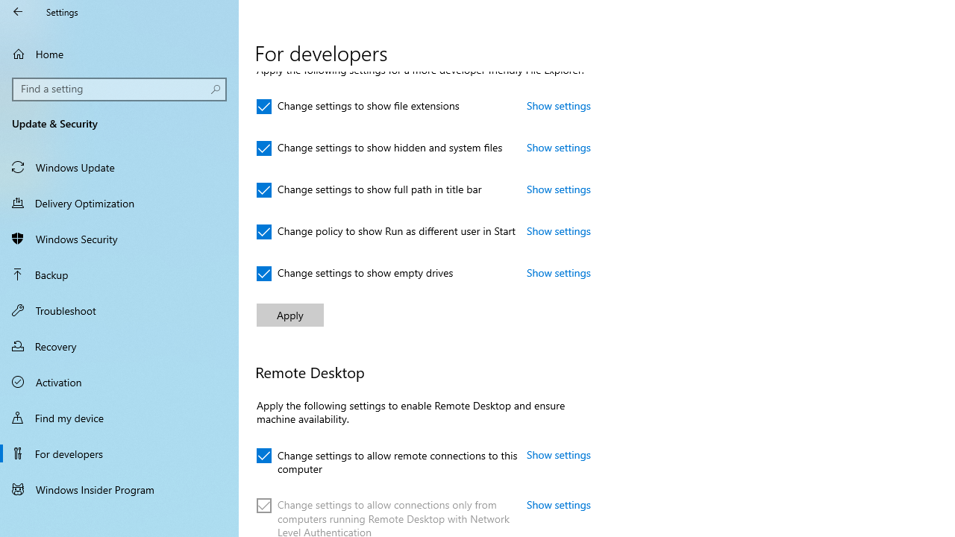 The image size is (955, 537). What do you see at coordinates (558, 272) in the screenshot?
I see `'Show settings: Change settings to show empty drives'` at bounding box center [558, 272].